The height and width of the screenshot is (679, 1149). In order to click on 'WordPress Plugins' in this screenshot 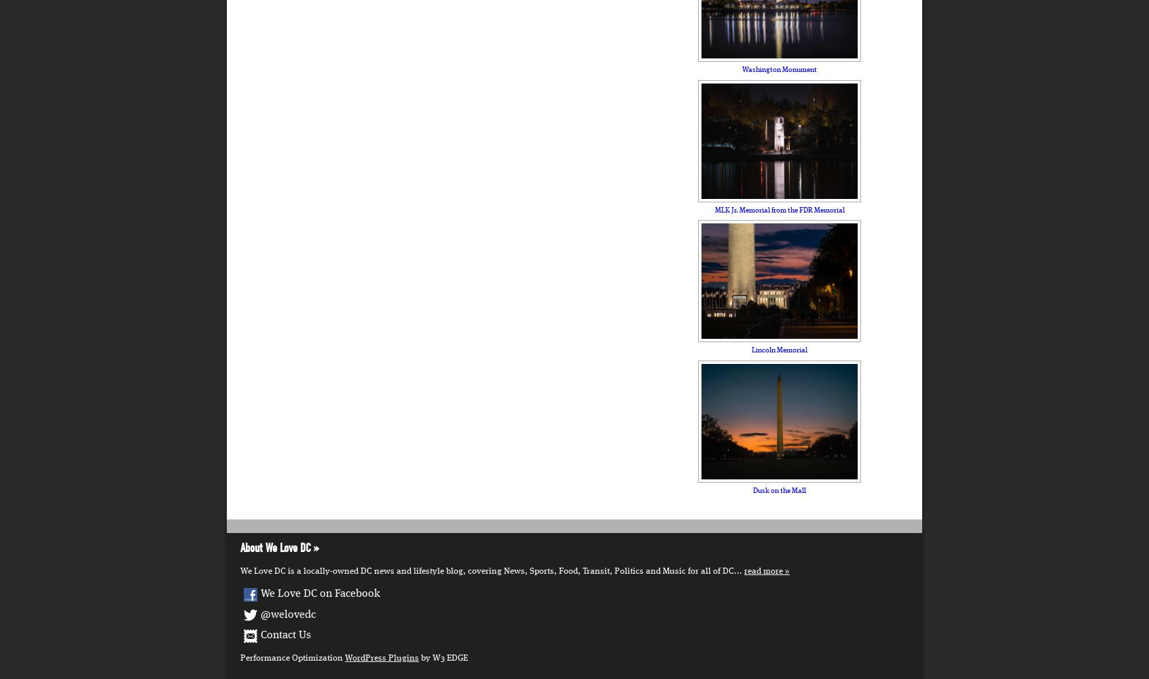, I will do `click(382, 657)`.